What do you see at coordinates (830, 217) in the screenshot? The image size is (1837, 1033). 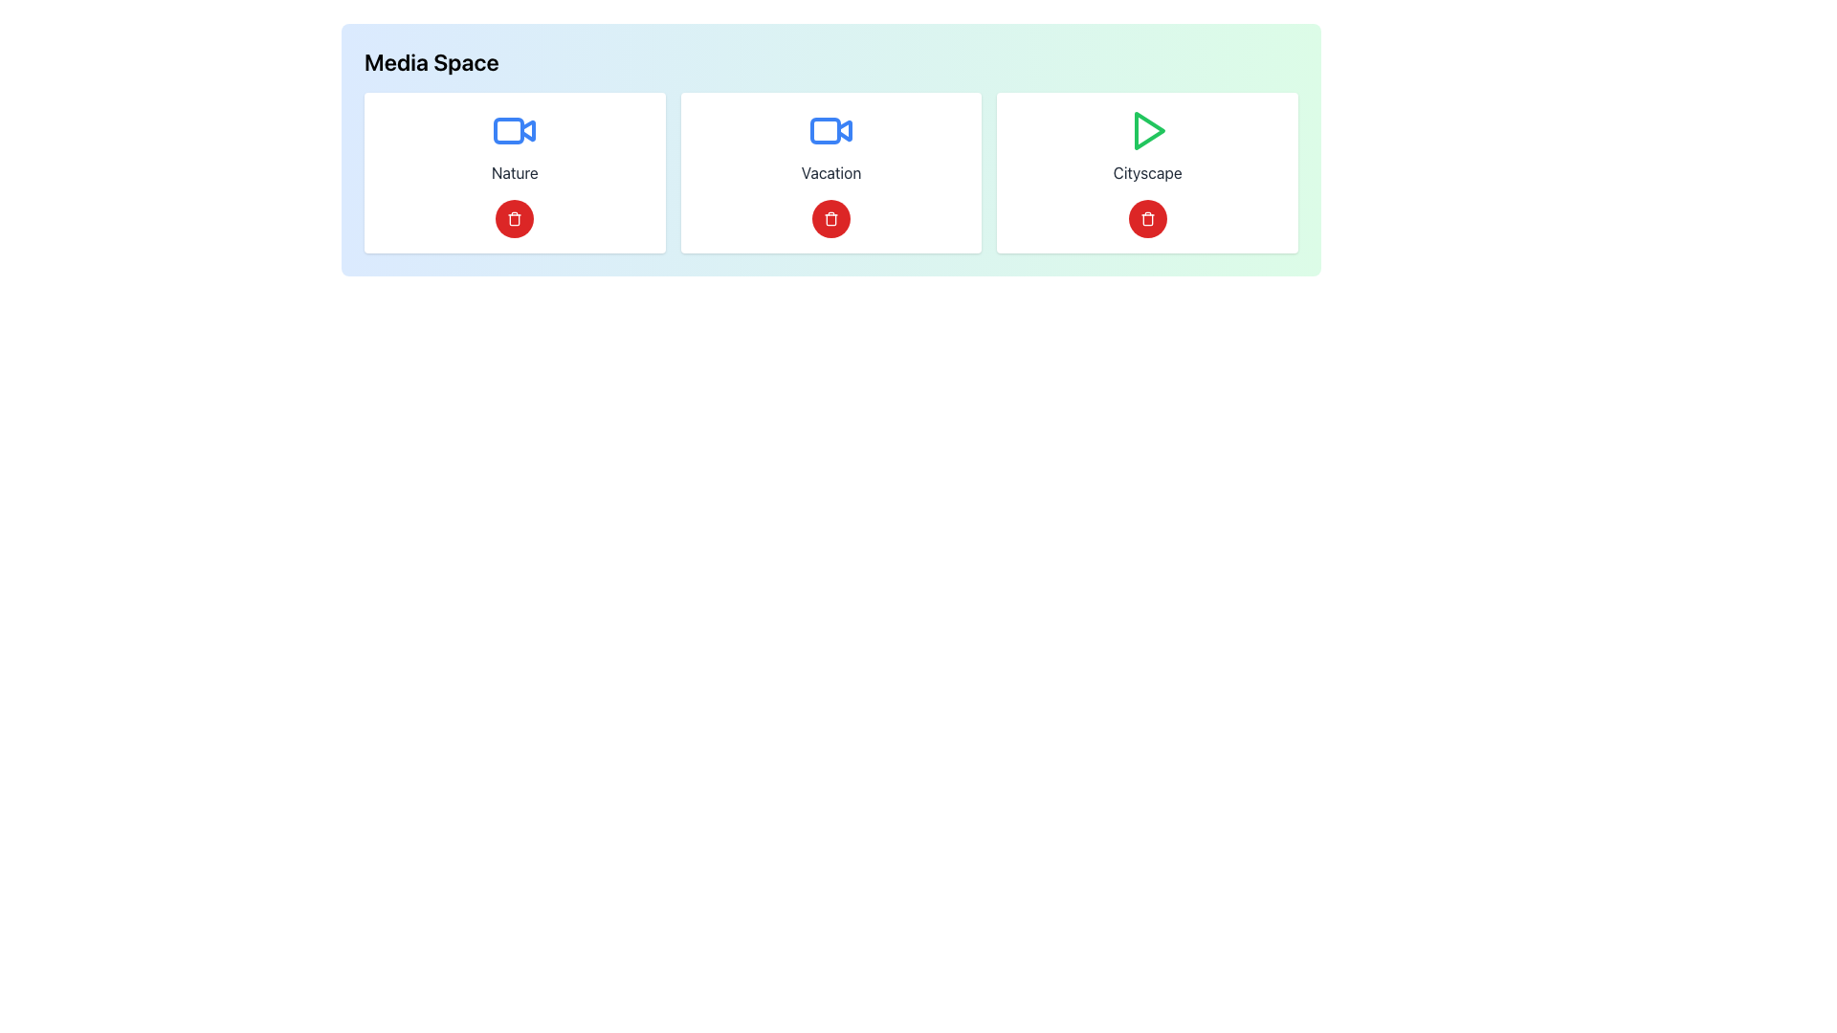 I see `the delete button located at the bottom center of the 'Vacation' card` at bounding box center [830, 217].